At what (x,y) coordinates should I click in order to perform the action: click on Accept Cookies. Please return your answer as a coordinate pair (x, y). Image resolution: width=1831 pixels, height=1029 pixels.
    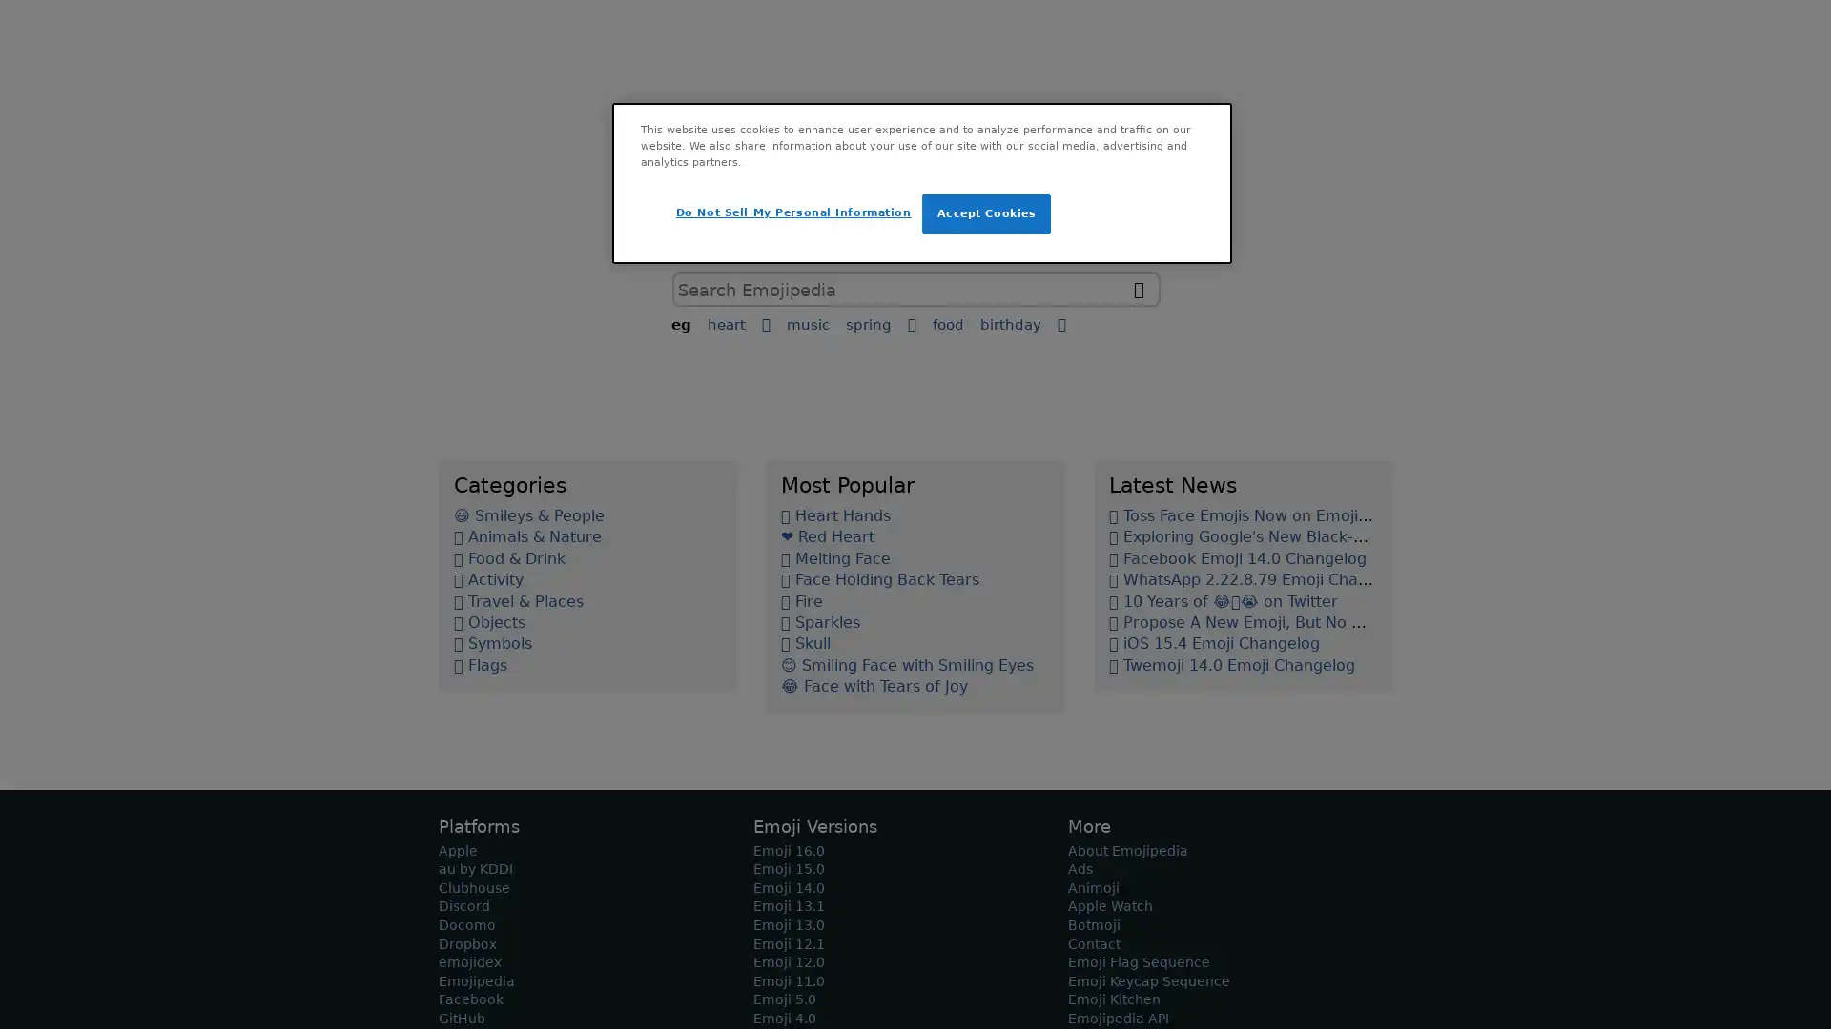
    Looking at the image, I should click on (986, 213).